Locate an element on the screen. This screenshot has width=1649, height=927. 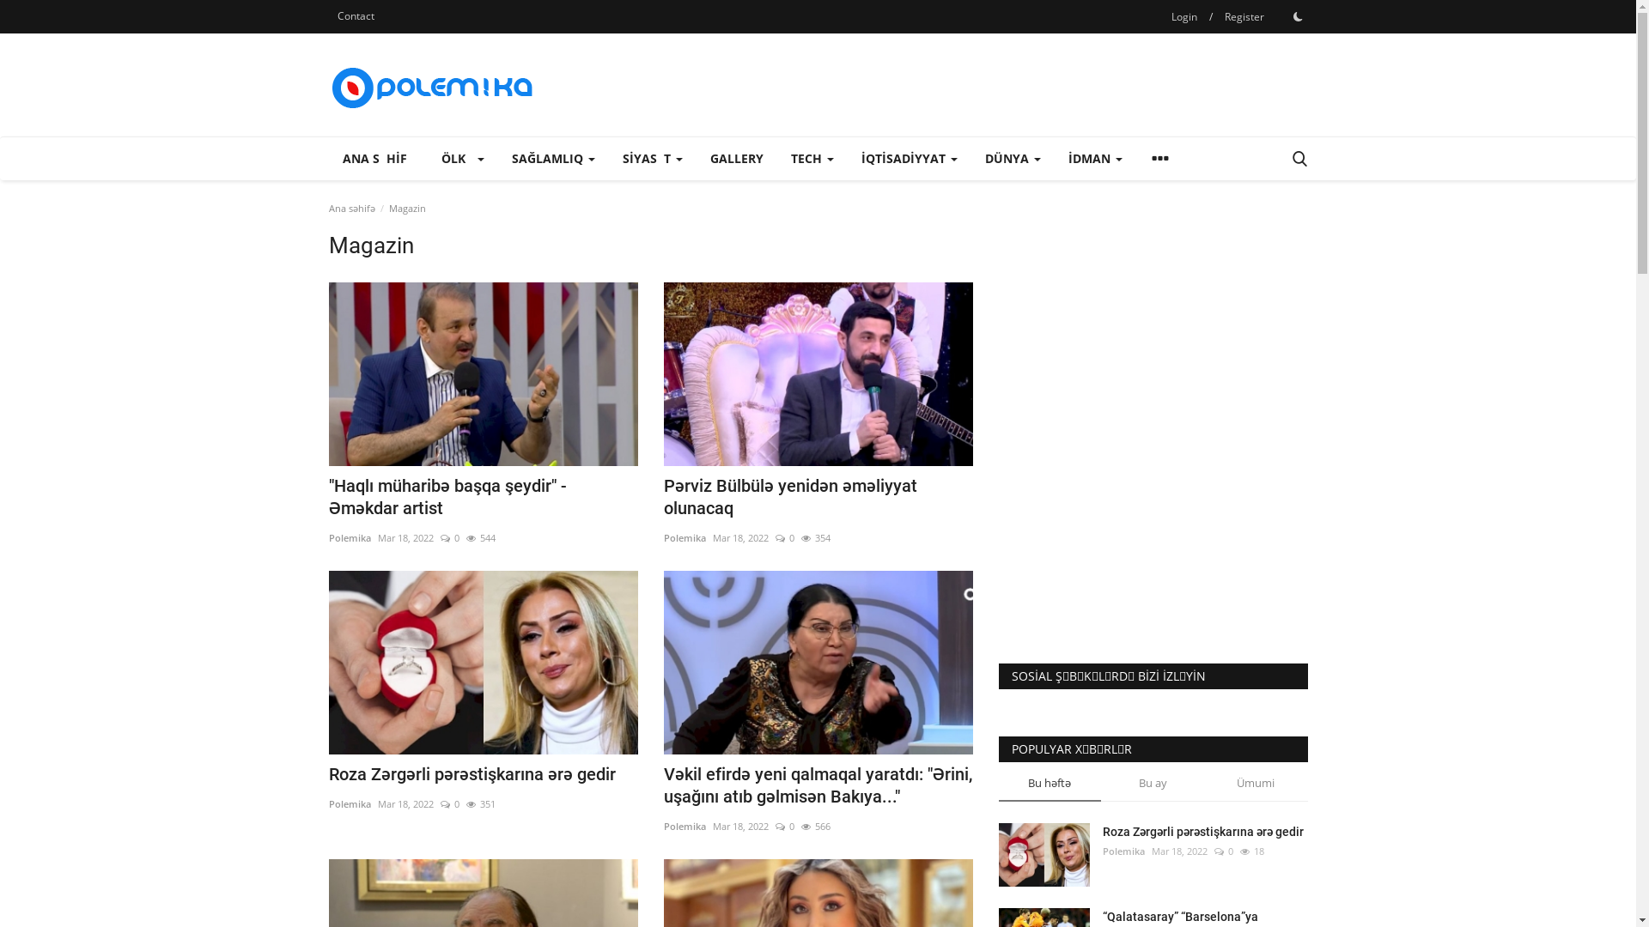
'Polemika' is located at coordinates (1123, 851).